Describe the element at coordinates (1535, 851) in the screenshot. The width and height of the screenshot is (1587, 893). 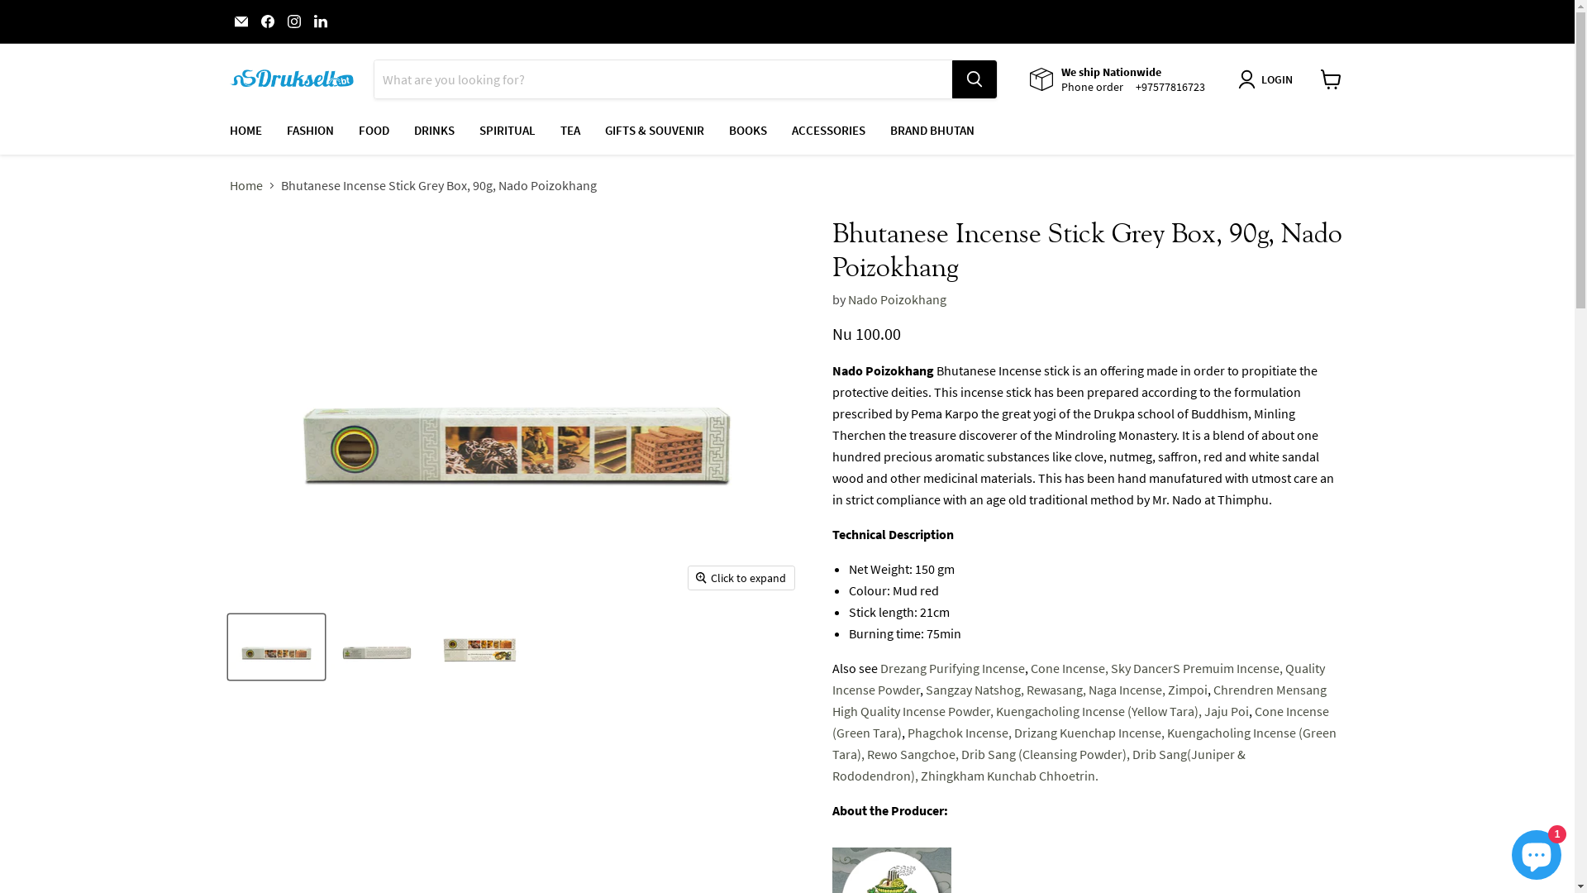
I see `'Shopify online store chat'` at that location.